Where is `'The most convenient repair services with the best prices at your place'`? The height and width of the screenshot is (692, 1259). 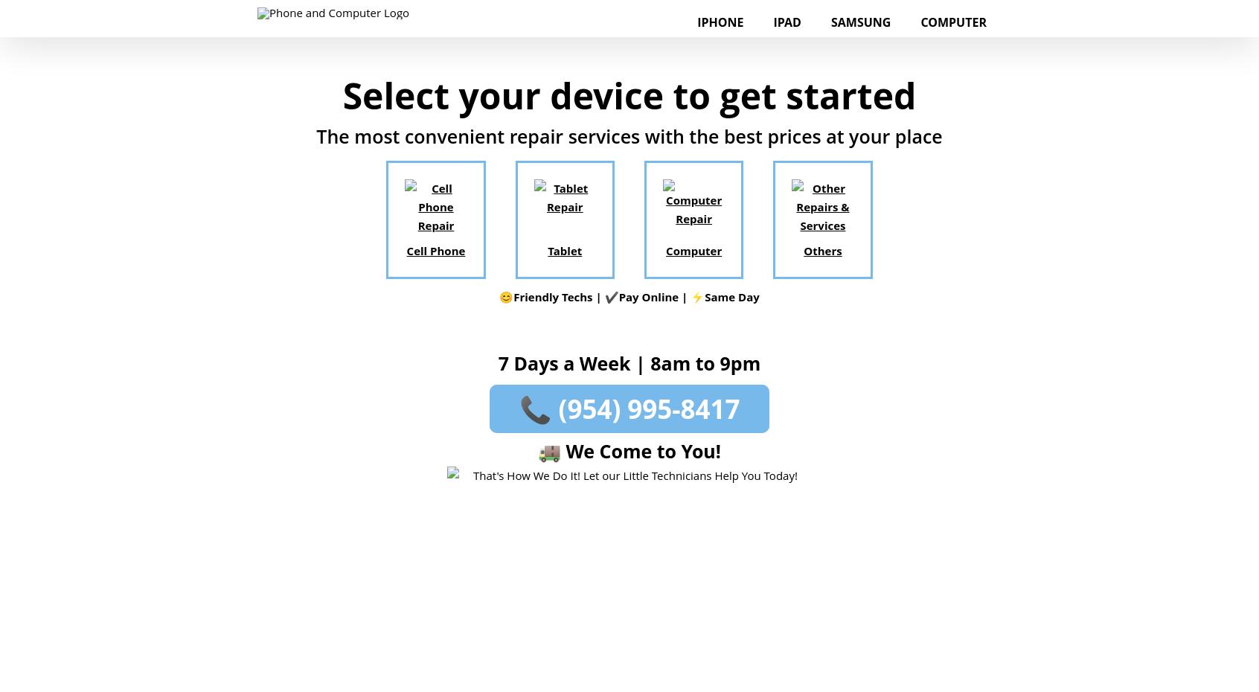
'The most convenient repair services with the best prices at your place' is located at coordinates (629, 135).